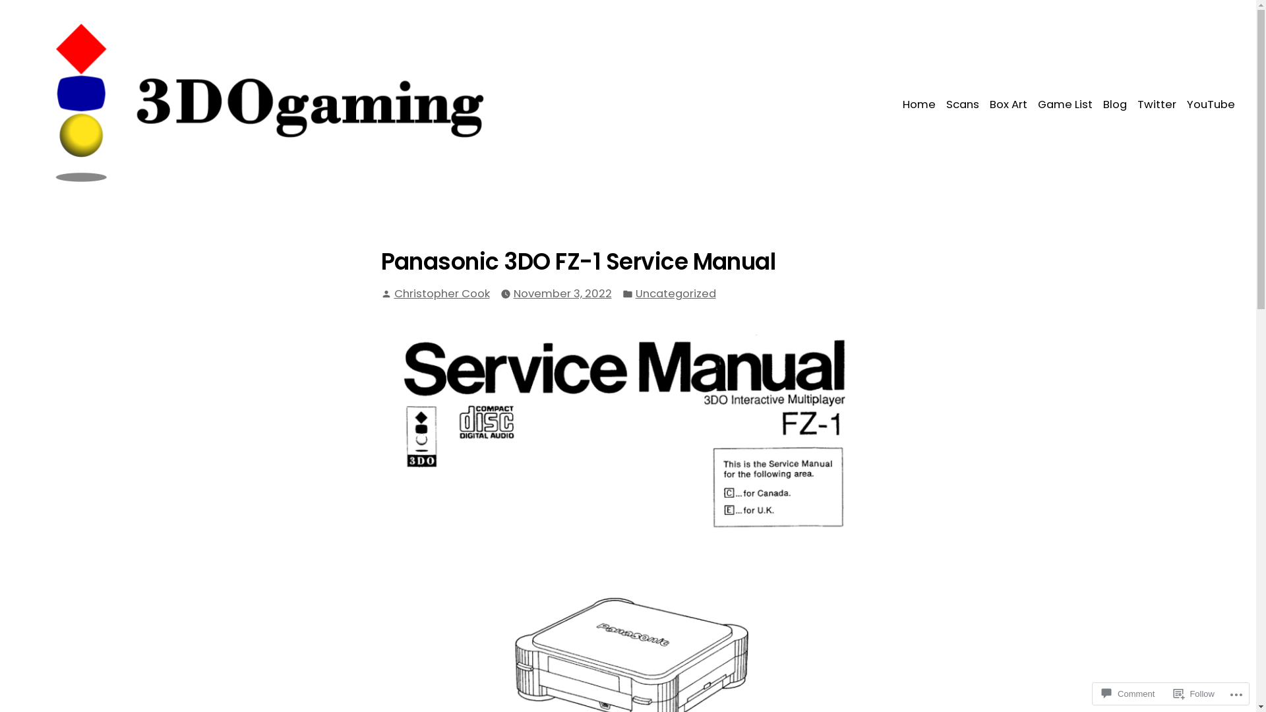 This screenshot has width=1266, height=712. Describe the element at coordinates (1065, 104) in the screenshot. I see `'Game List'` at that location.